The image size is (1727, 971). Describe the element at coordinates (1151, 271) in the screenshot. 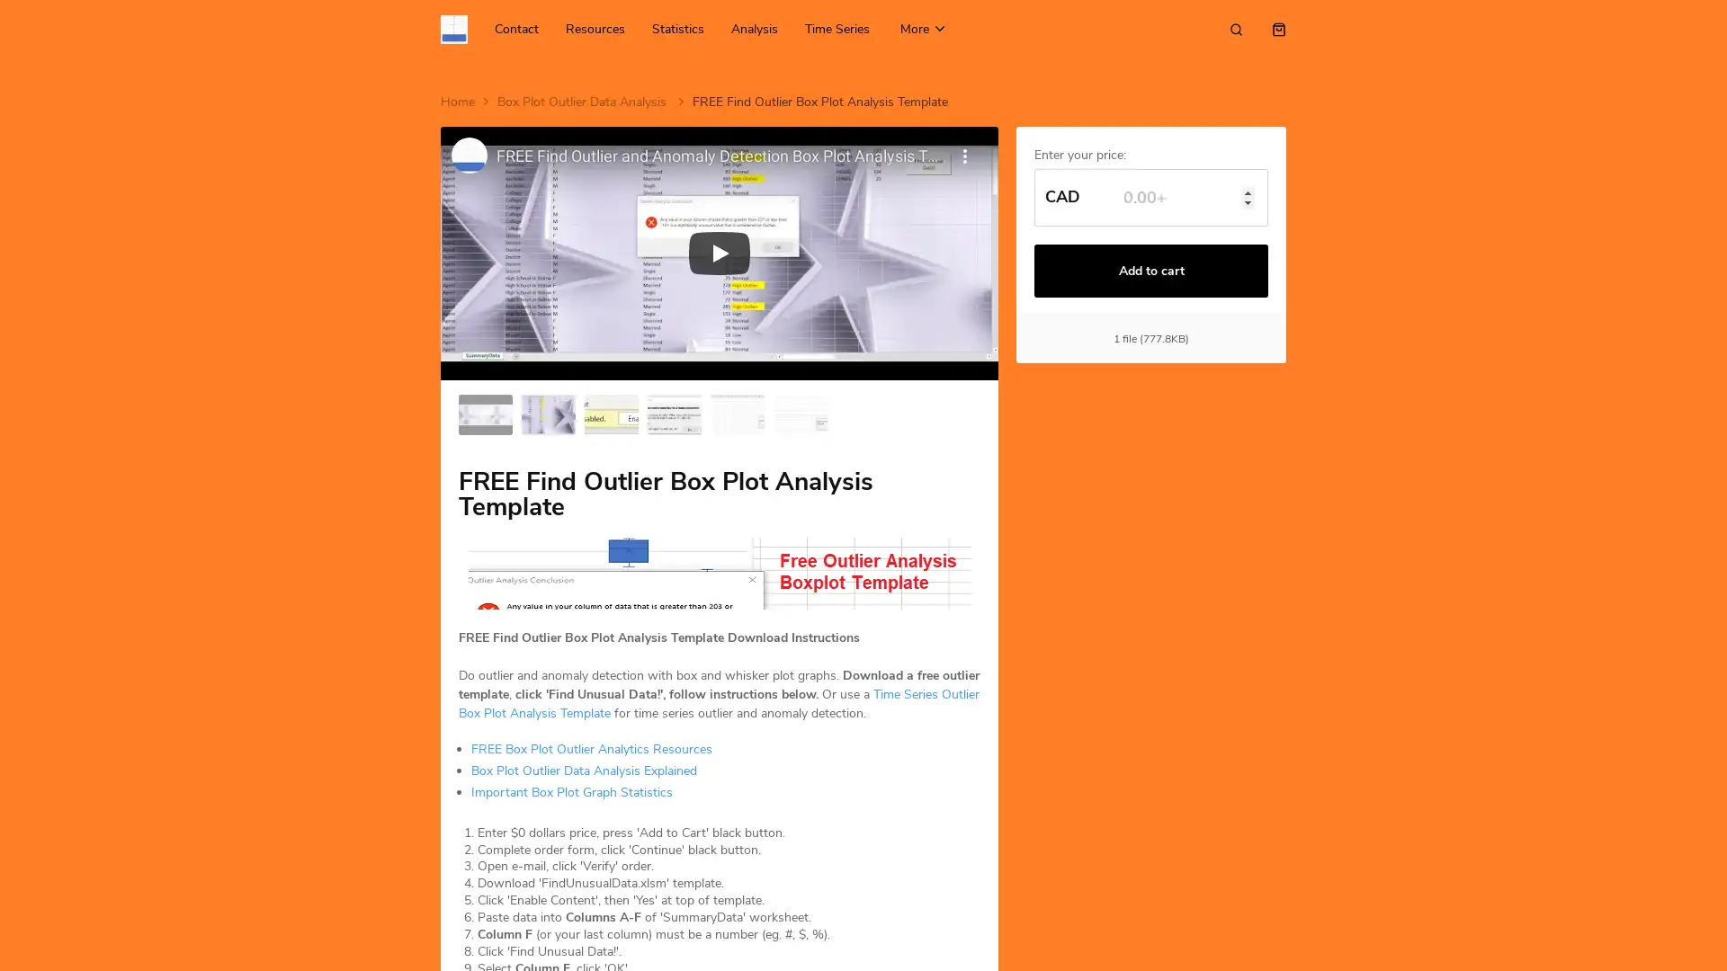

I see `Add to cart` at that location.